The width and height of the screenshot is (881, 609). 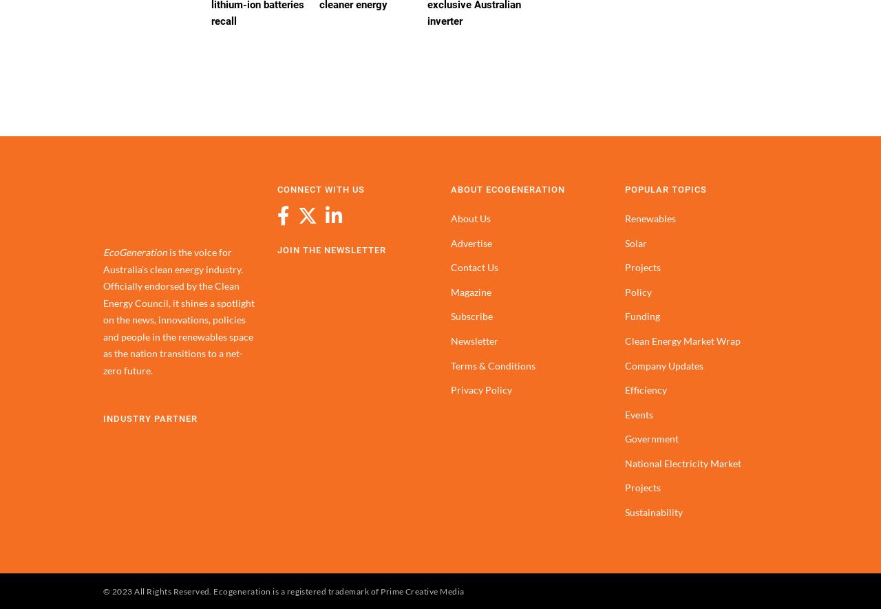 I want to click on 'Efficiency', so click(x=644, y=389).